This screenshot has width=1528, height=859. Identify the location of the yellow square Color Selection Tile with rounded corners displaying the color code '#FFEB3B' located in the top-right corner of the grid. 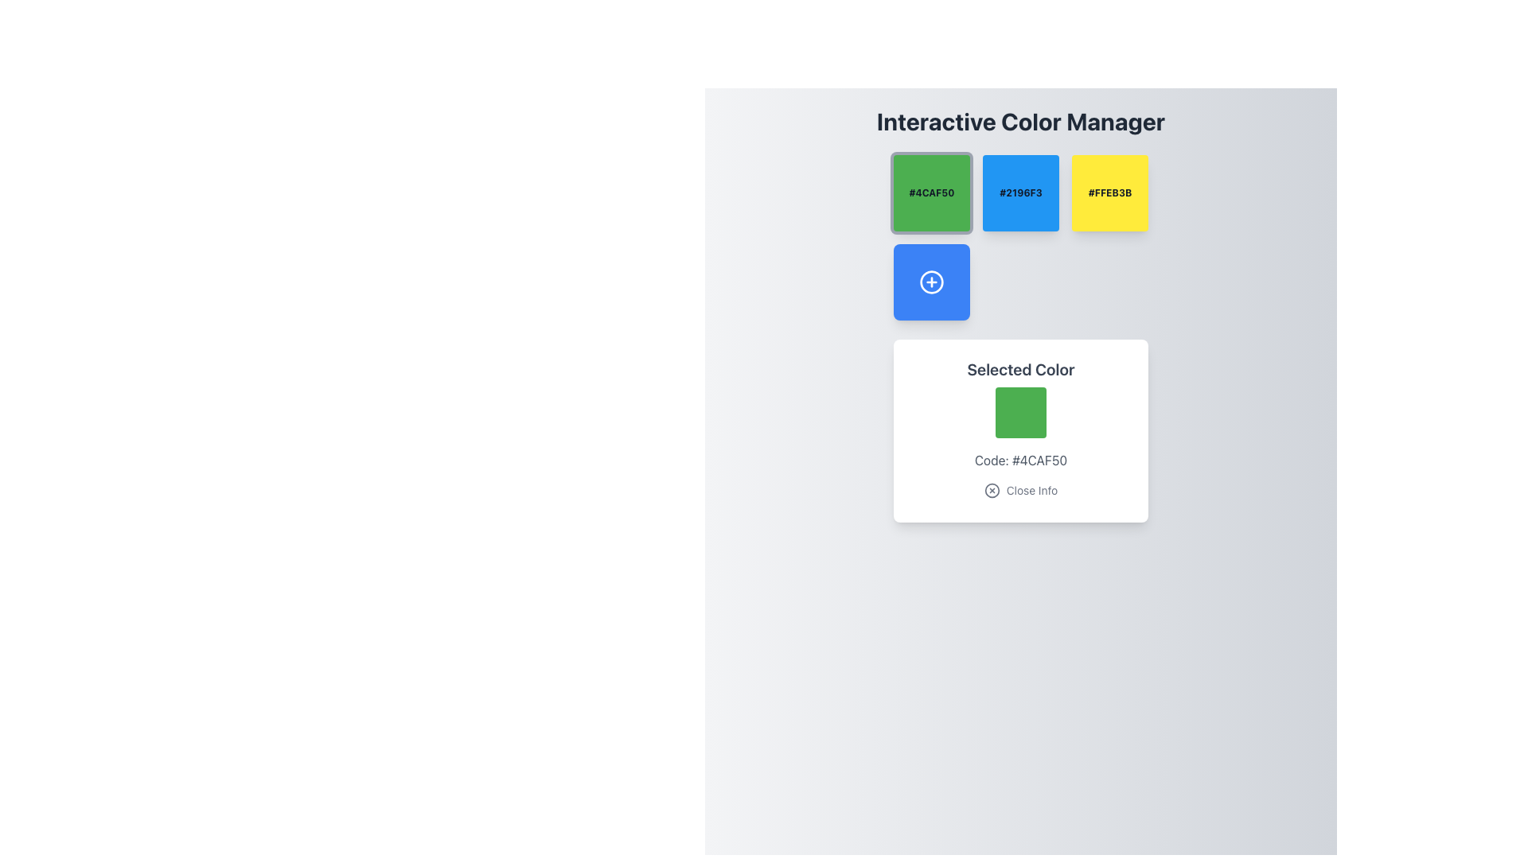
(1109, 192).